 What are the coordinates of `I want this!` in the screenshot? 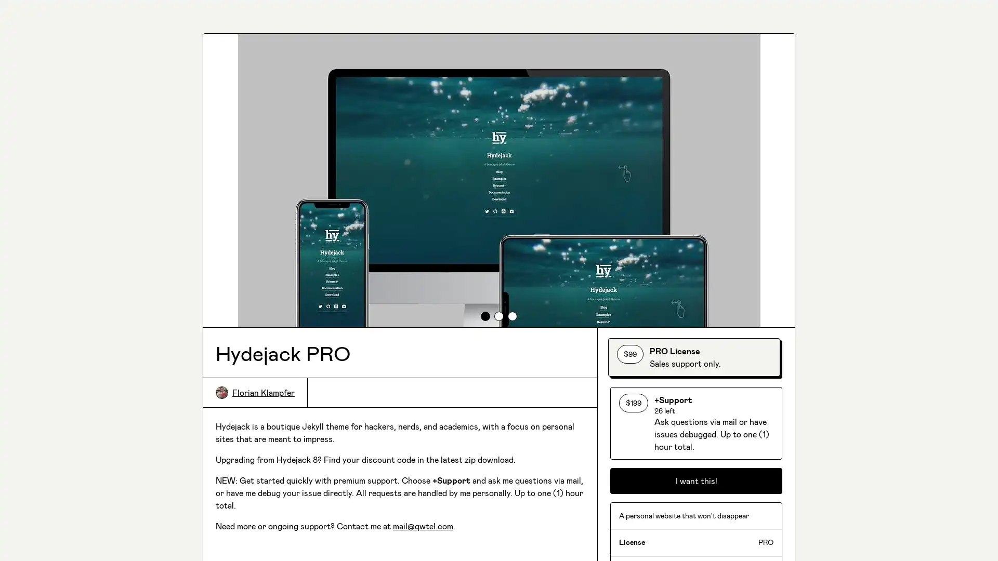 It's located at (696, 520).